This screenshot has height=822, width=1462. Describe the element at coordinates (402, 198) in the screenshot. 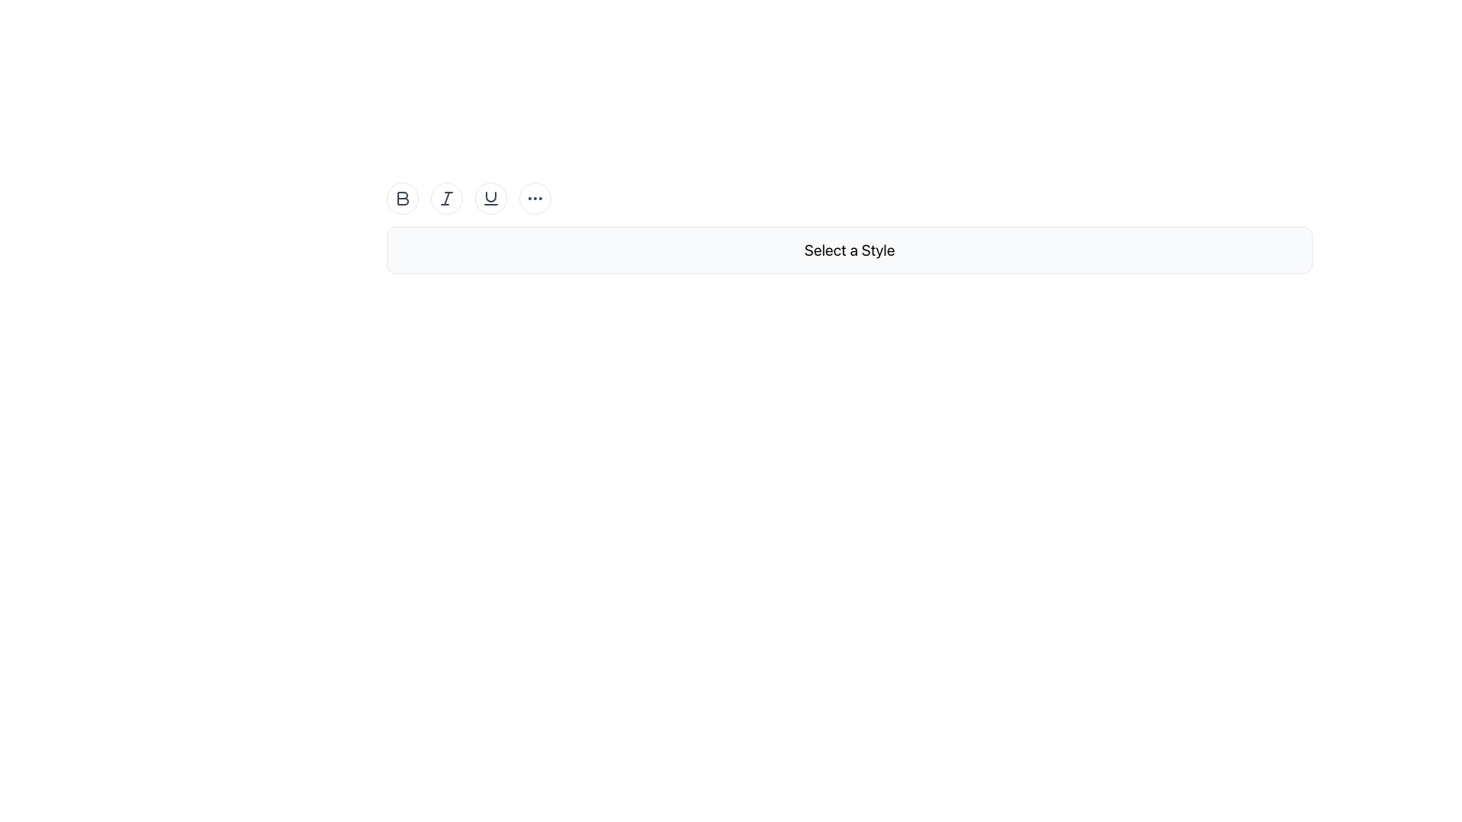

I see `the circular button with a bold 'B' icon in the top-left section of the interface to visualize the hover effect` at that location.